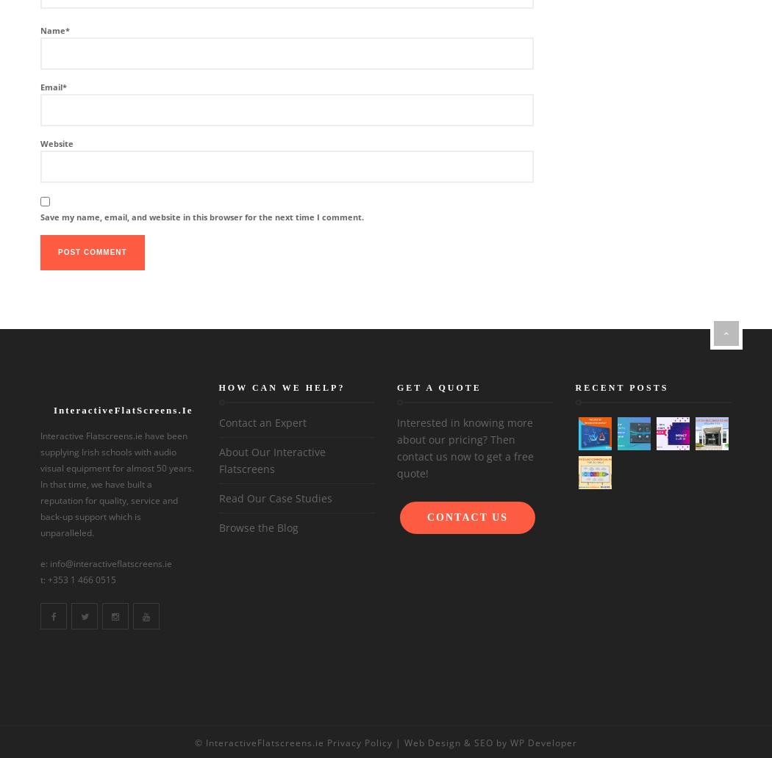  What do you see at coordinates (110, 563) in the screenshot?
I see `'info@interactiveflatscreens.ie'` at bounding box center [110, 563].